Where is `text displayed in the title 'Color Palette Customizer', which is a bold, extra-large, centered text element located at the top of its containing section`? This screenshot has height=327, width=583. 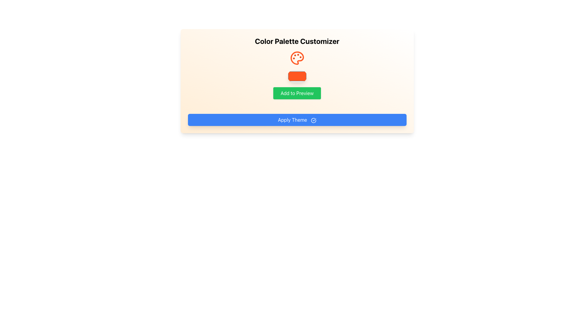
text displayed in the title 'Color Palette Customizer', which is a bold, extra-large, centered text element located at the top of its containing section is located at coordinates (297, 41).